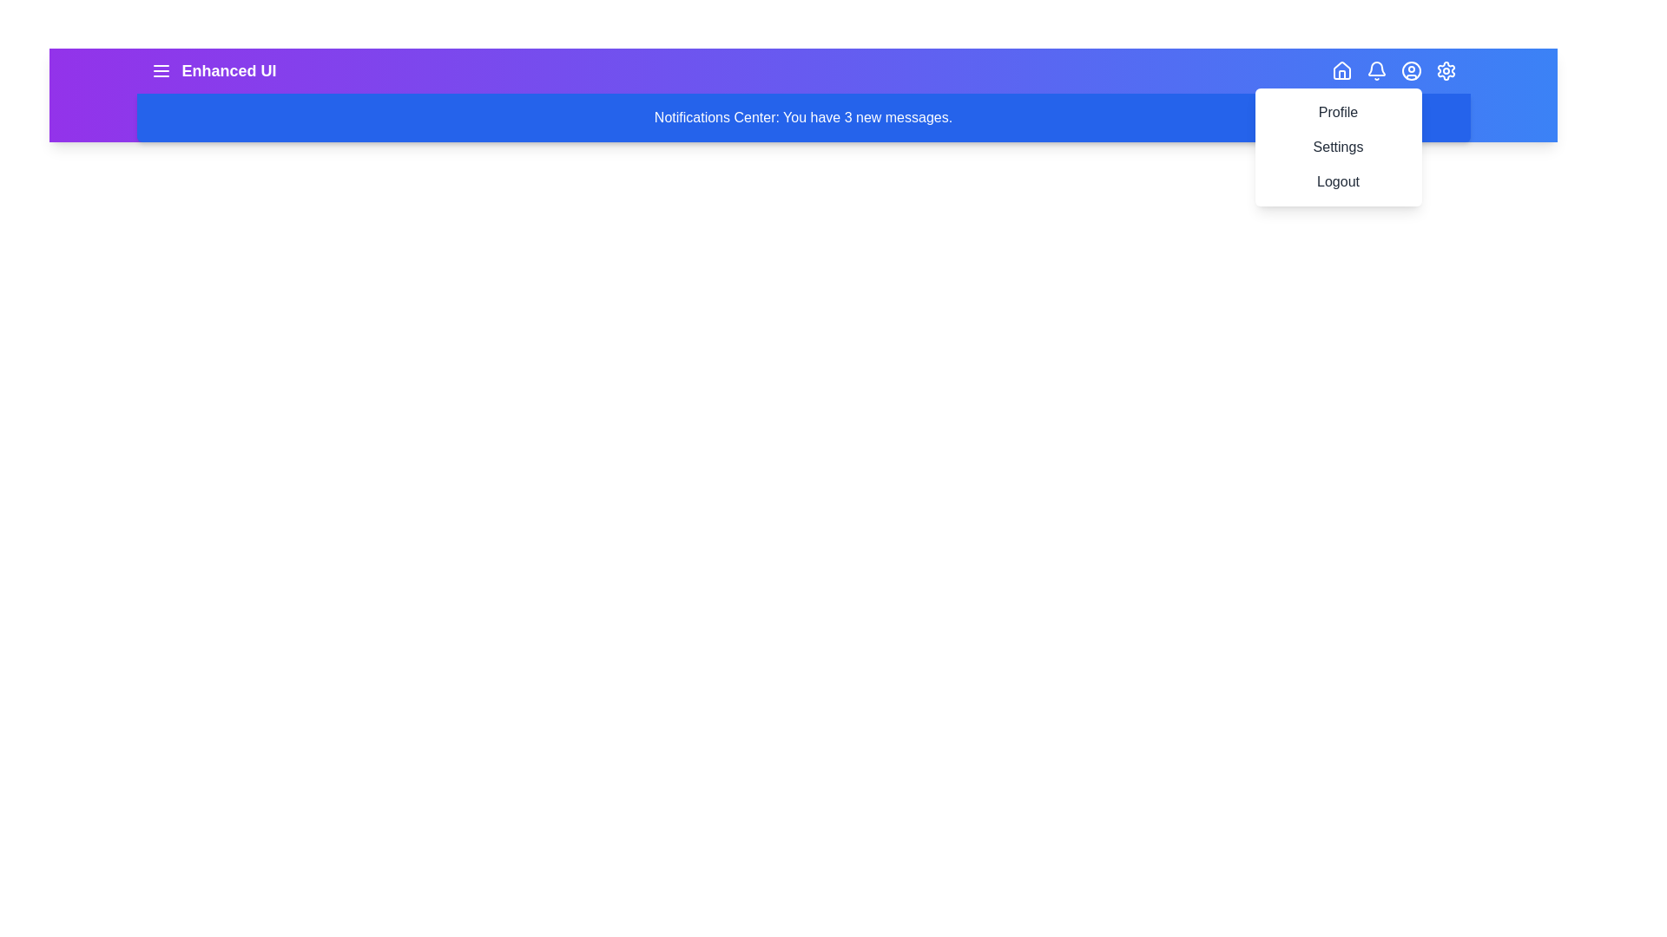  What do you see at coordinates (1446, 69) in the screenshot?
I see `the settings icon to open the settings menu` at bounding box center [1446, 69].